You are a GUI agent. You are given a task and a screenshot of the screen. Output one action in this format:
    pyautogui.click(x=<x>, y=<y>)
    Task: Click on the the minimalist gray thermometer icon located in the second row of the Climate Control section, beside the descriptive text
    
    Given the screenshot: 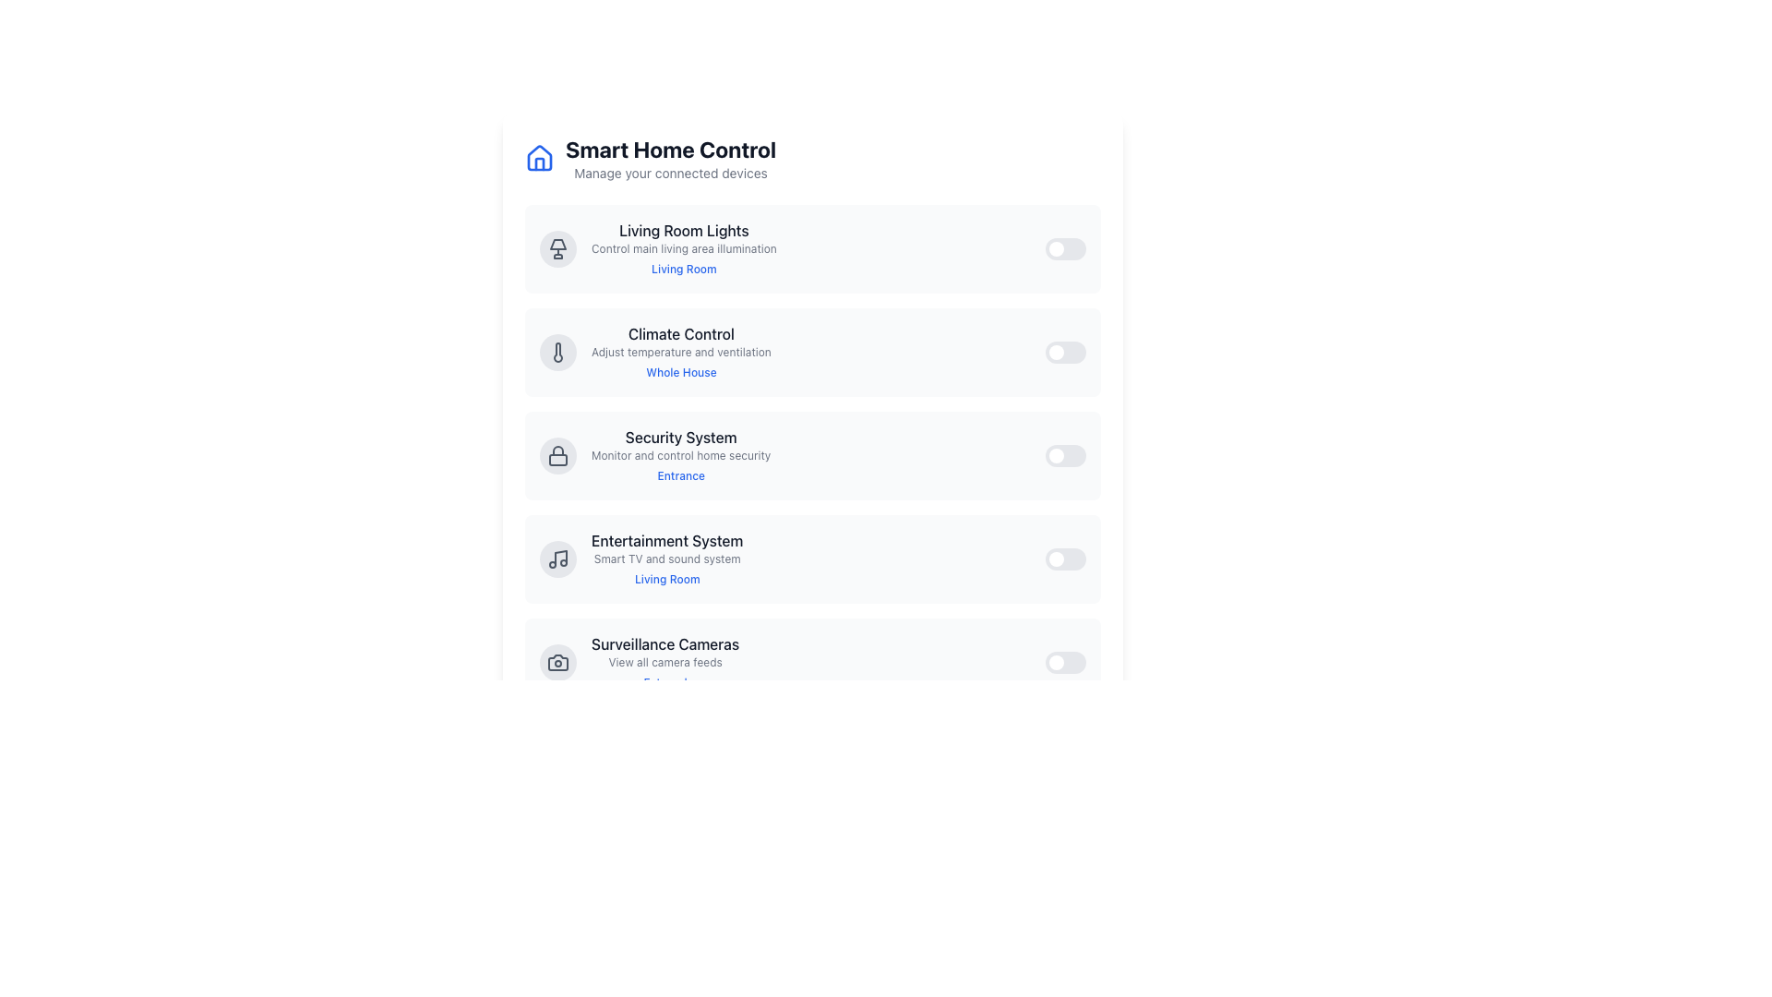 What is the action you would take?
    pyautogui.click(x=557, y=352)
    